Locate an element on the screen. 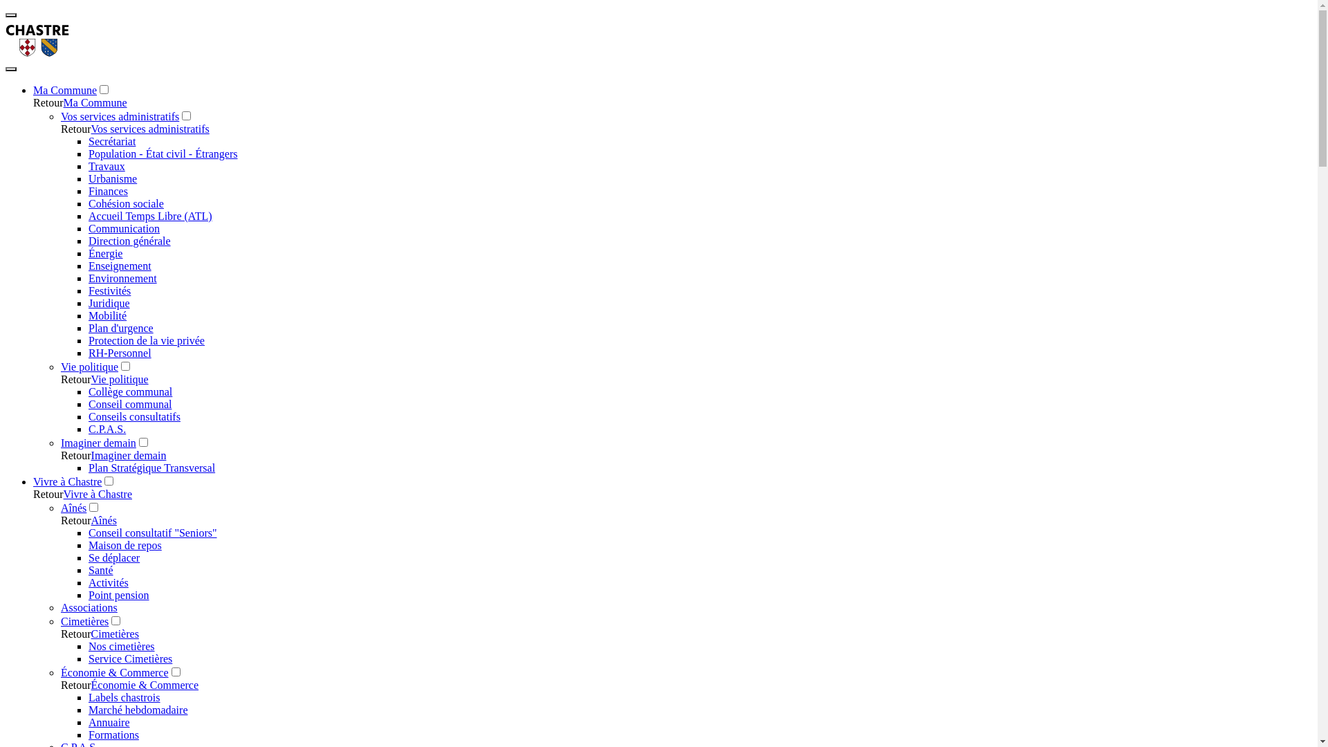 This screenshot has width=1328, height=747. 'Finances' is located at coordinates (107, 191).